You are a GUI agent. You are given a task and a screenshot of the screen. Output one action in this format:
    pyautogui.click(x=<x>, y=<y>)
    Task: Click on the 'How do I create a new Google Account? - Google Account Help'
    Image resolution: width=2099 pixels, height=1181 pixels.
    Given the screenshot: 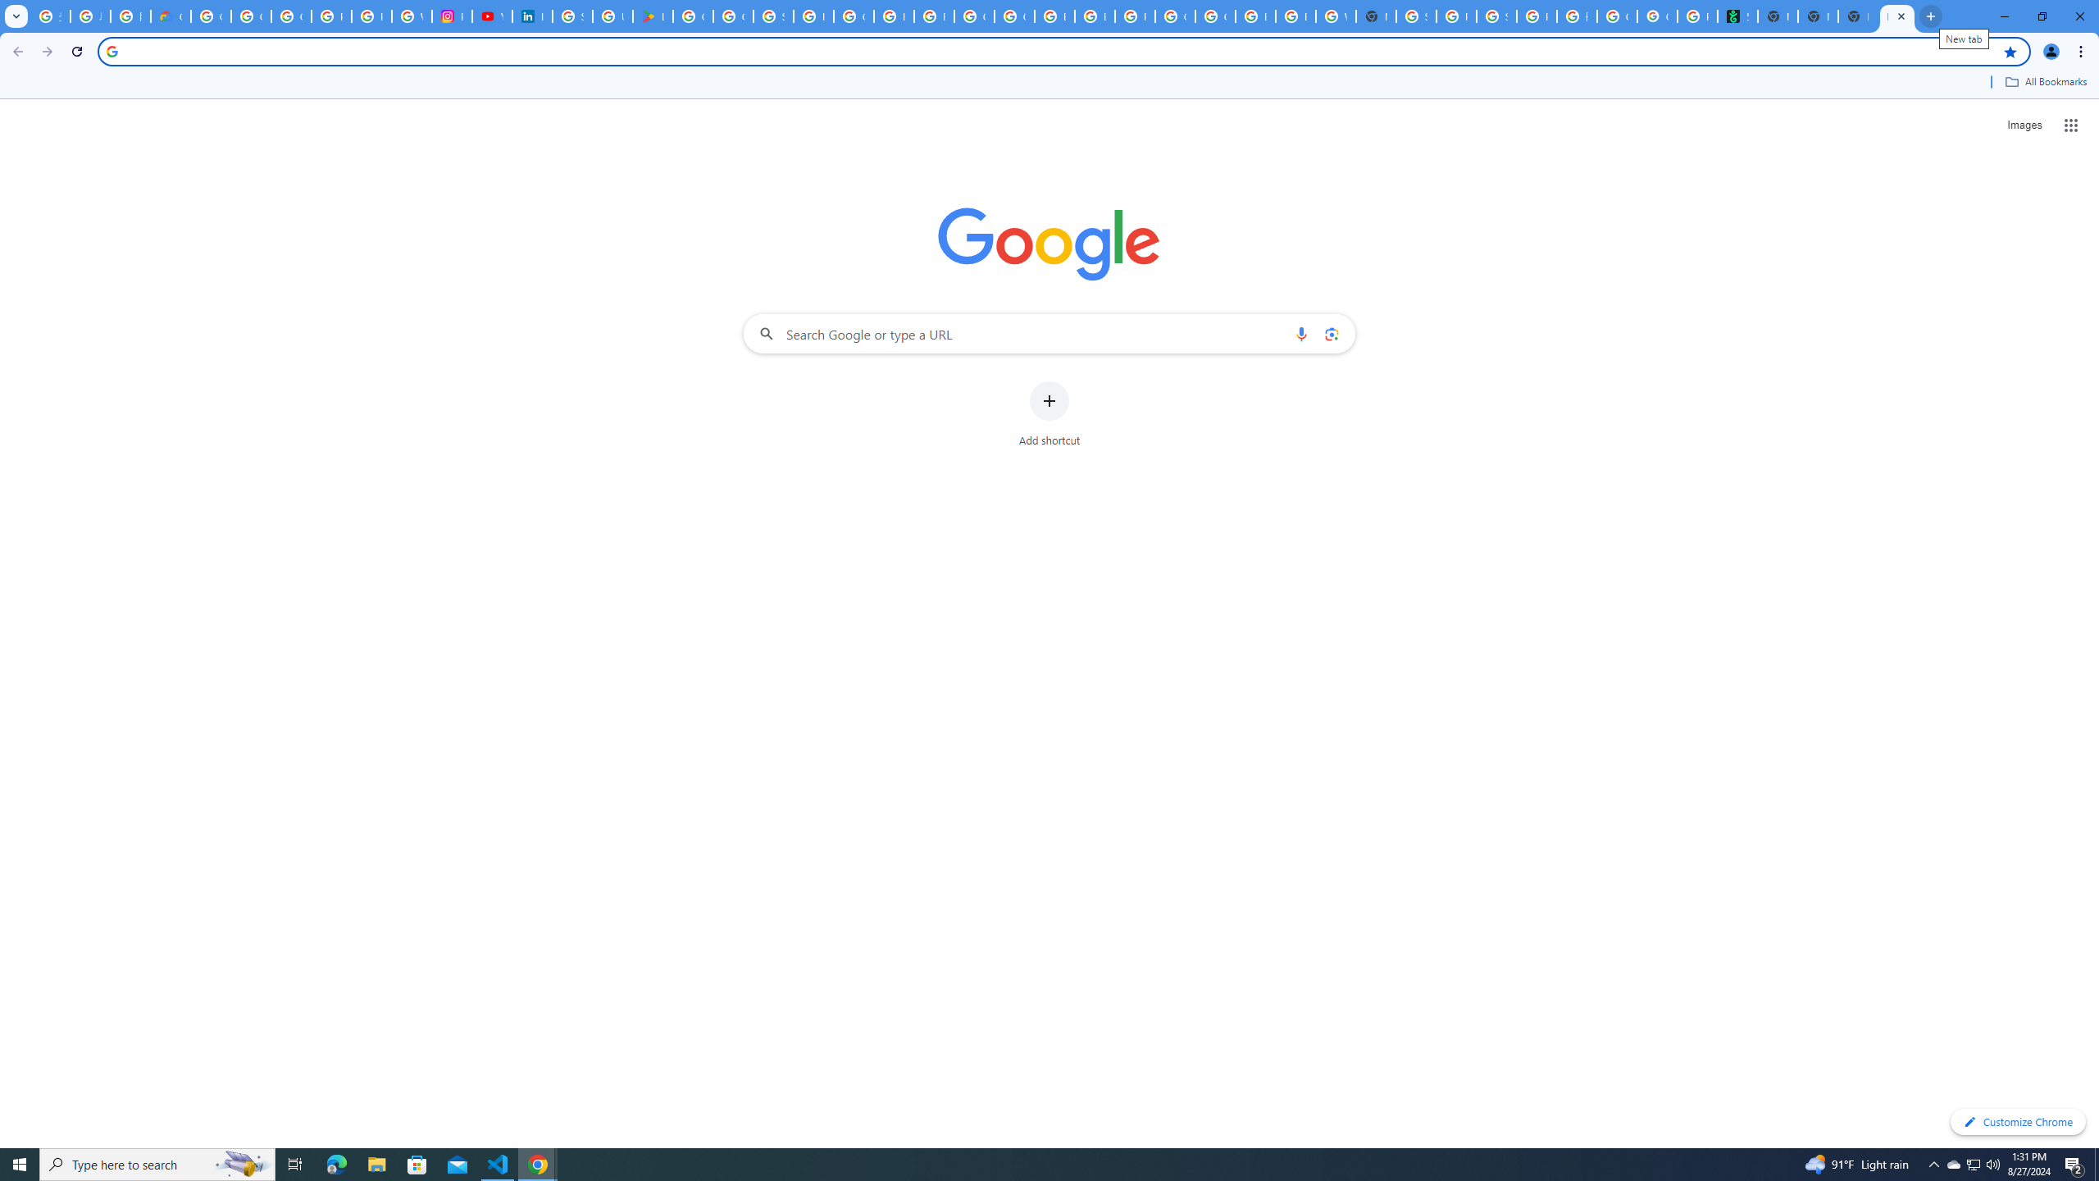 What is the action you would take?
    pyautogui.click(x=893, y=16)
    